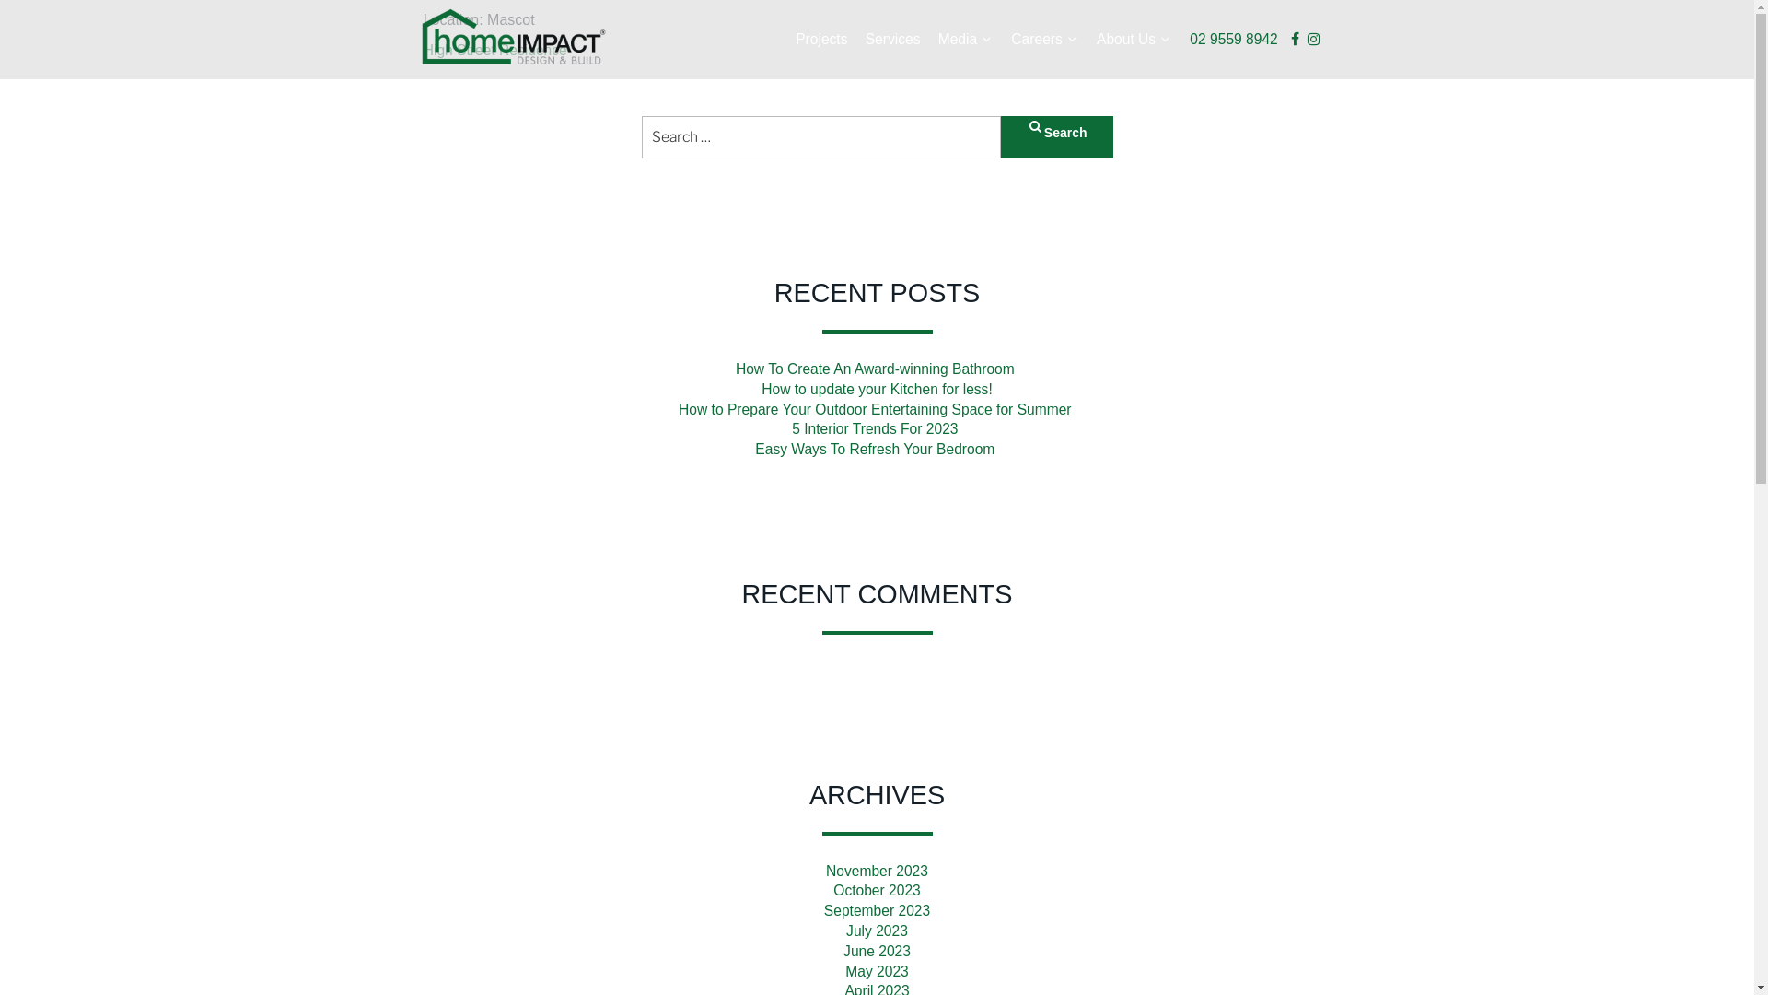 The image size is (1768, 995). What do you see at coordinates (761, 388) in the screenshot?
I see `'How to update your Kitchen for less!'` at bounding box center [761, 388].